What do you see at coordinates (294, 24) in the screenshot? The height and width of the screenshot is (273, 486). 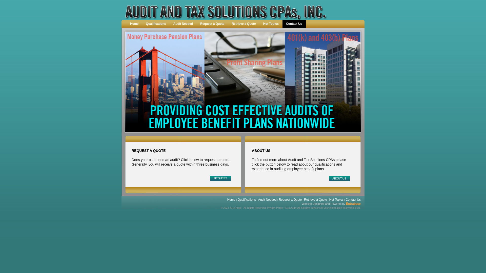 I see `'Contact Us'` at bounding box center [294, 24].